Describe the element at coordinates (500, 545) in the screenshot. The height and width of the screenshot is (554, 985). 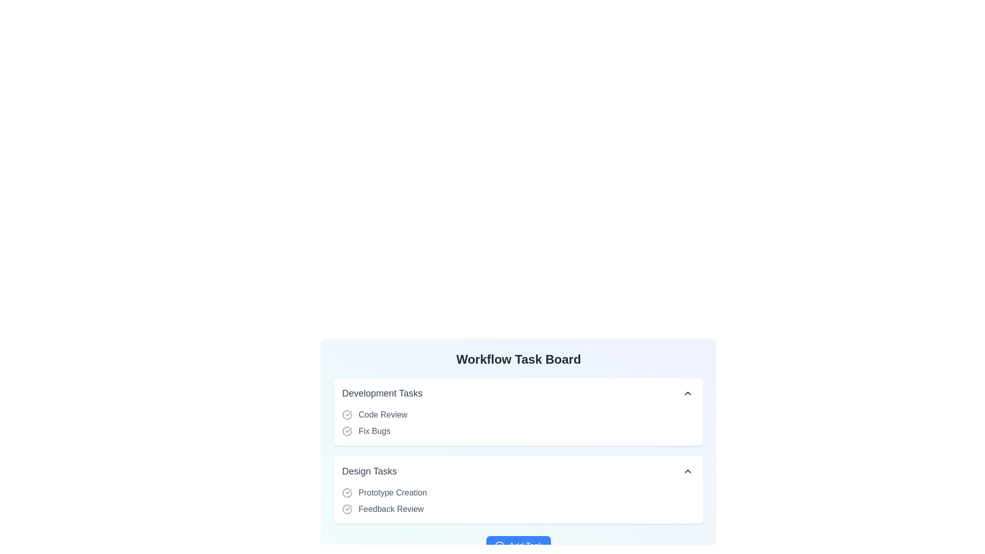
I see `the icon located to the left of the 'Add Task' button, which serves as a visual indicator for adding a new task` at that location.